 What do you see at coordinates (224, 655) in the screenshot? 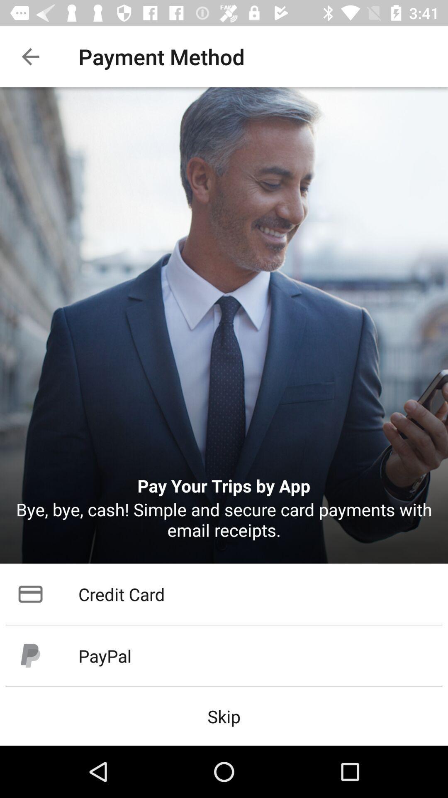
I see `the item below credit card icon` at bounding box center [224, 655].